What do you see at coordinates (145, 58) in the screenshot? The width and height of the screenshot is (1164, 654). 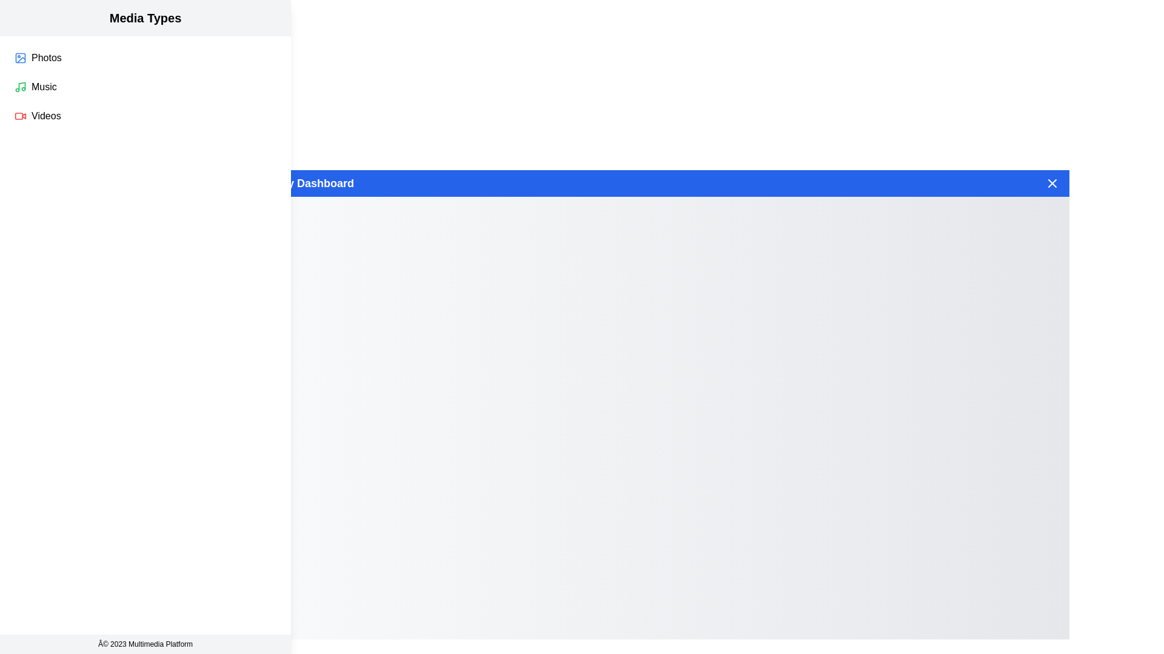 I see `the 'Photos' navigation menu item to observe the background change effect` at bounding box center [145, 58].